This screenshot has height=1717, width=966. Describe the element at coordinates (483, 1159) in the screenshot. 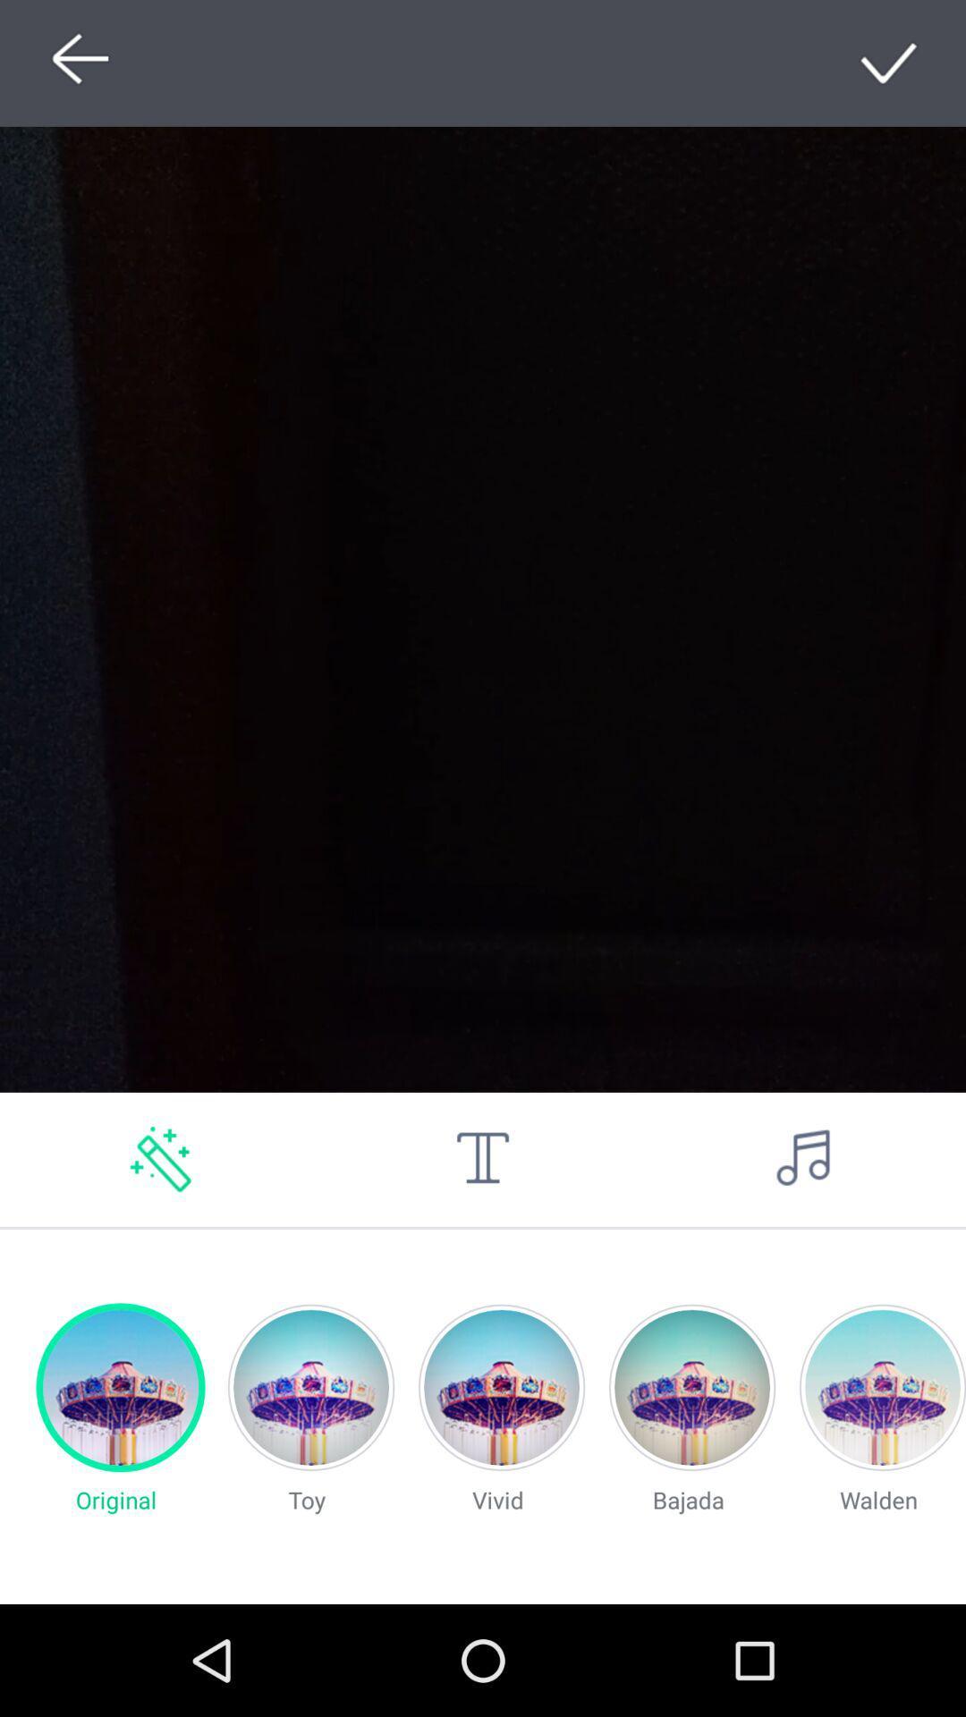

I see `edit language` at that location.